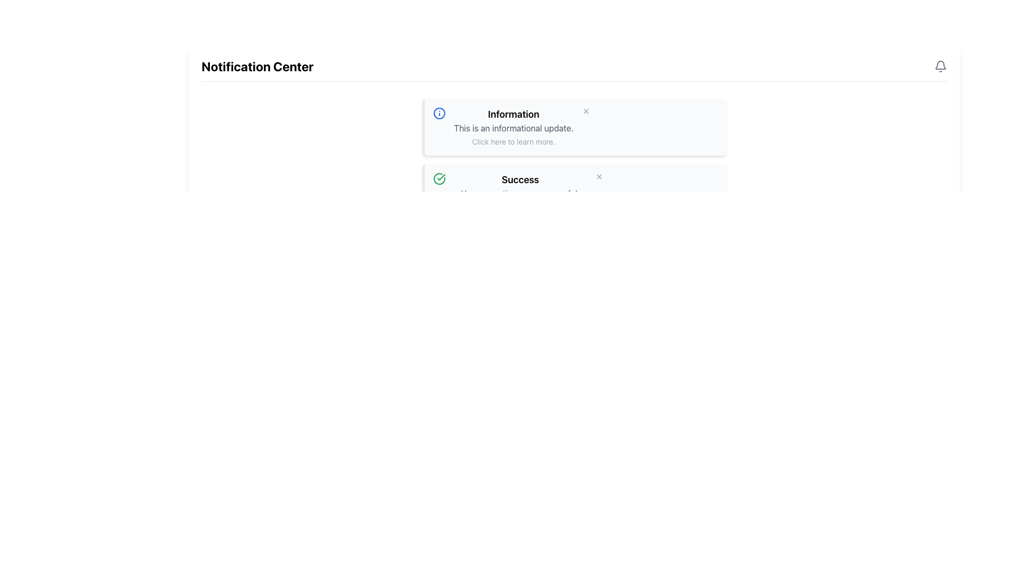  I want to click on the close button with an 'X' symbol located at the top-right corner of the notification card labeled 'Information', so click(585, 111).